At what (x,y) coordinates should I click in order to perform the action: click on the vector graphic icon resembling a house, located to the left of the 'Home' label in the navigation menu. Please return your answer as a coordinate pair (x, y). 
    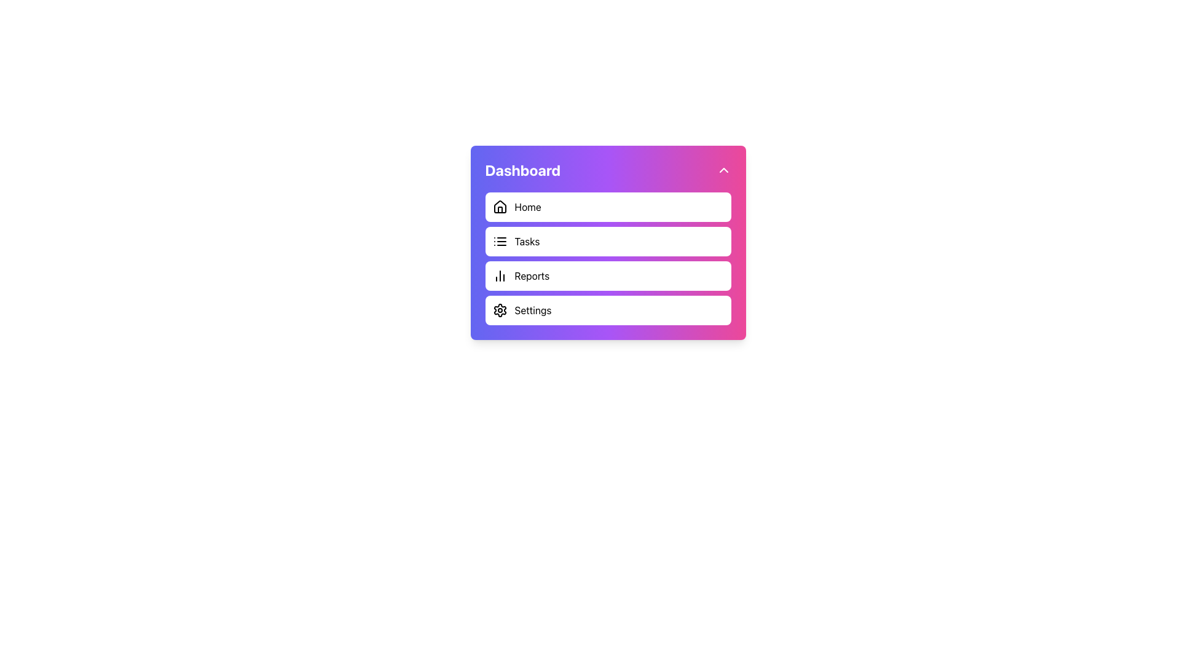
    Looking at the image, I should click on (500, 206).